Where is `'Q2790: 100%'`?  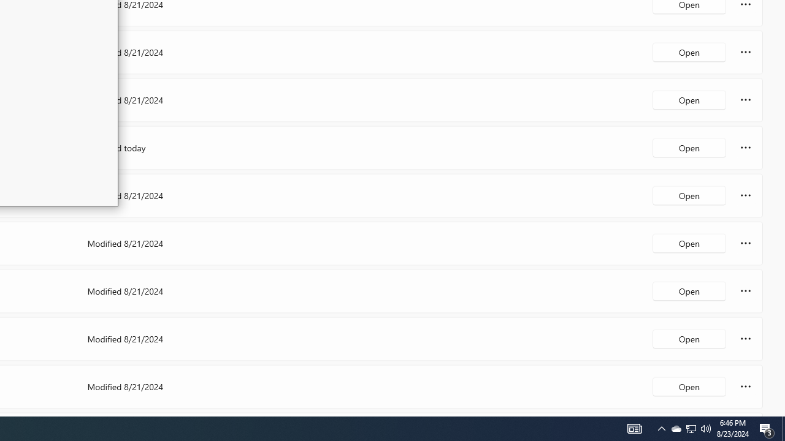
'Q2790: 100%' is located at coordinates (706, 428).